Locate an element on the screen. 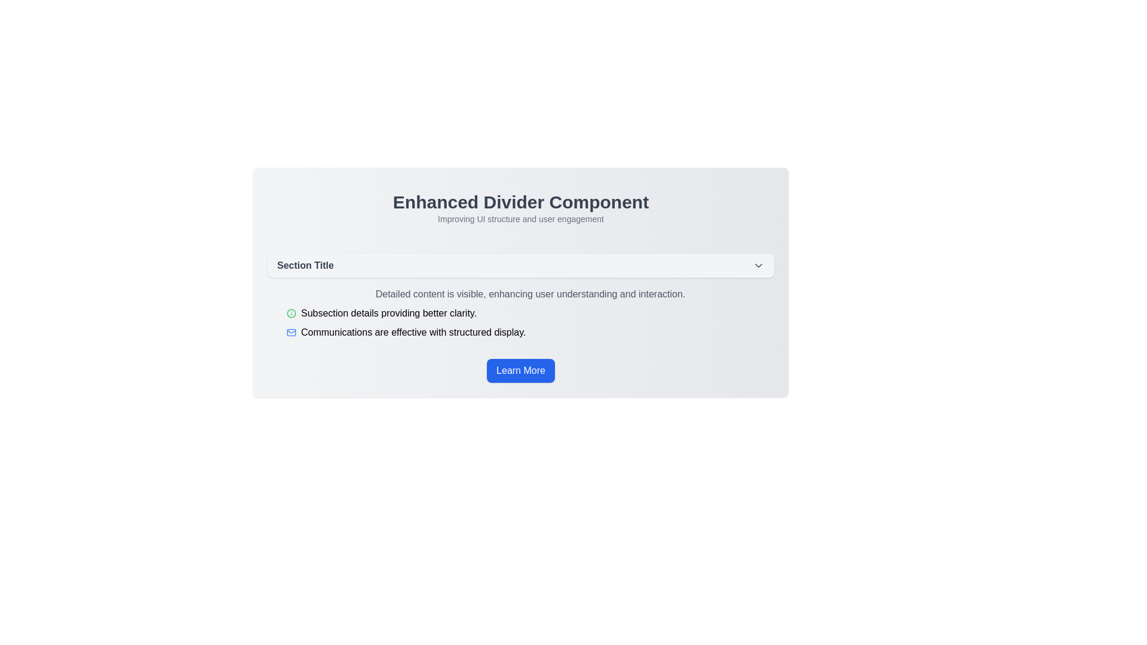  the envelope icon that serves as a visual identifier for the text 'Communications are effective with structured display.' It is positioned to the far left of the text is located at coordinates (292, 332).